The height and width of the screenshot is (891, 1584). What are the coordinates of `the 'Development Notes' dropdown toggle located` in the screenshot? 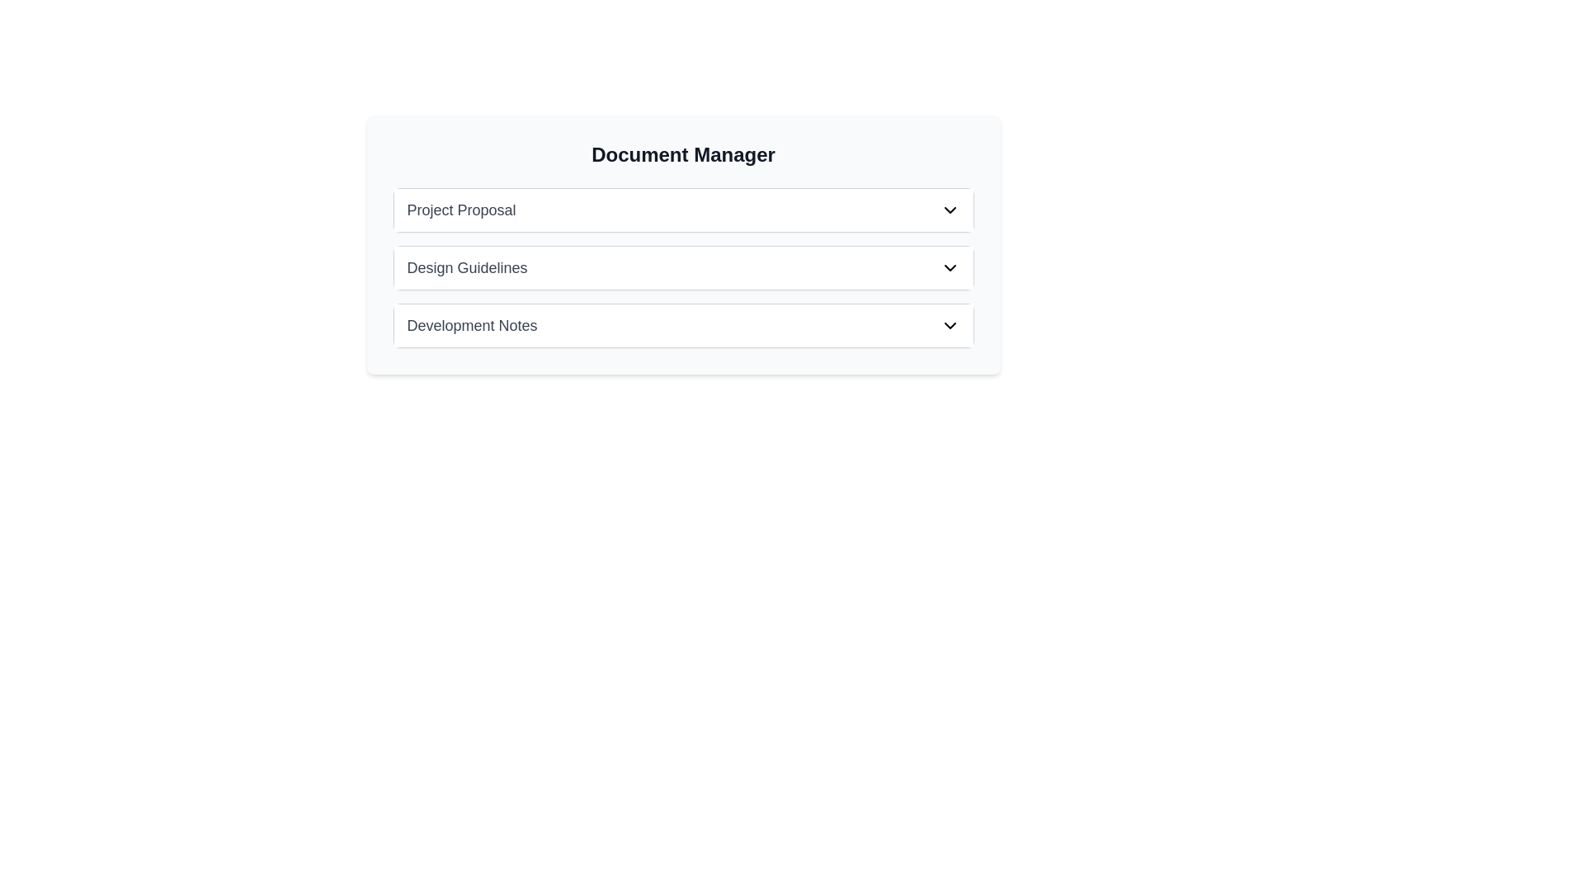 It's located at (683, 325).